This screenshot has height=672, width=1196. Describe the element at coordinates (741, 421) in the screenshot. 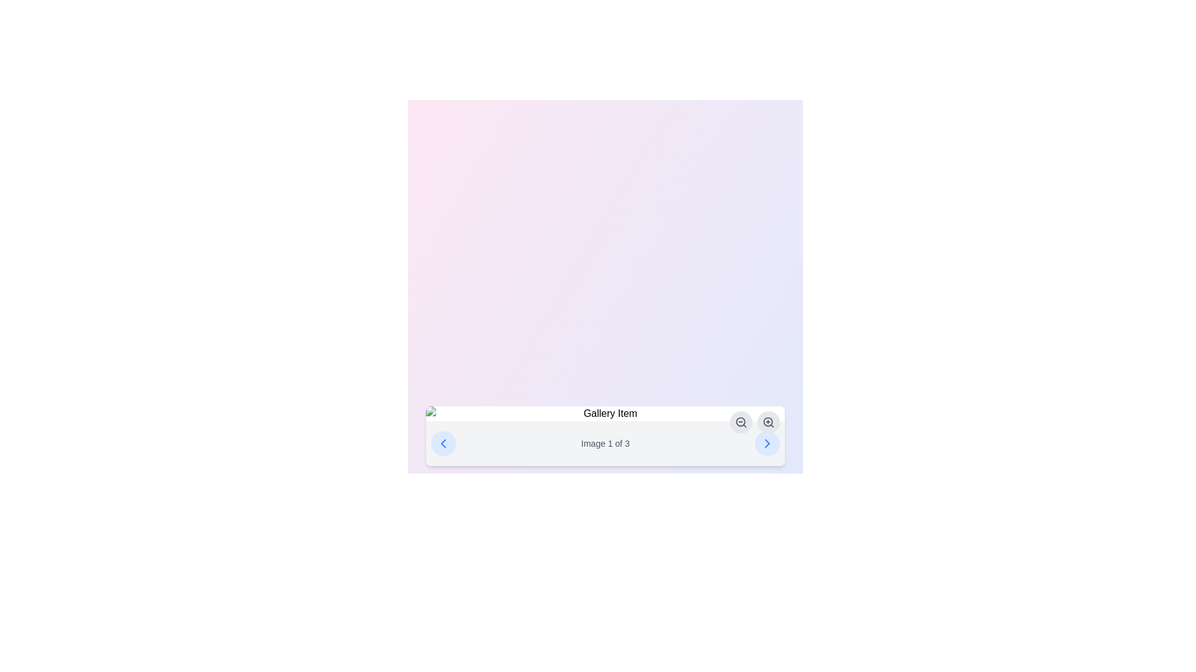

I see `the gray magnifying glass button with a minus symbol inside, located on the right side of the panel near the bottom center of the interface, to zoom out` at that location.